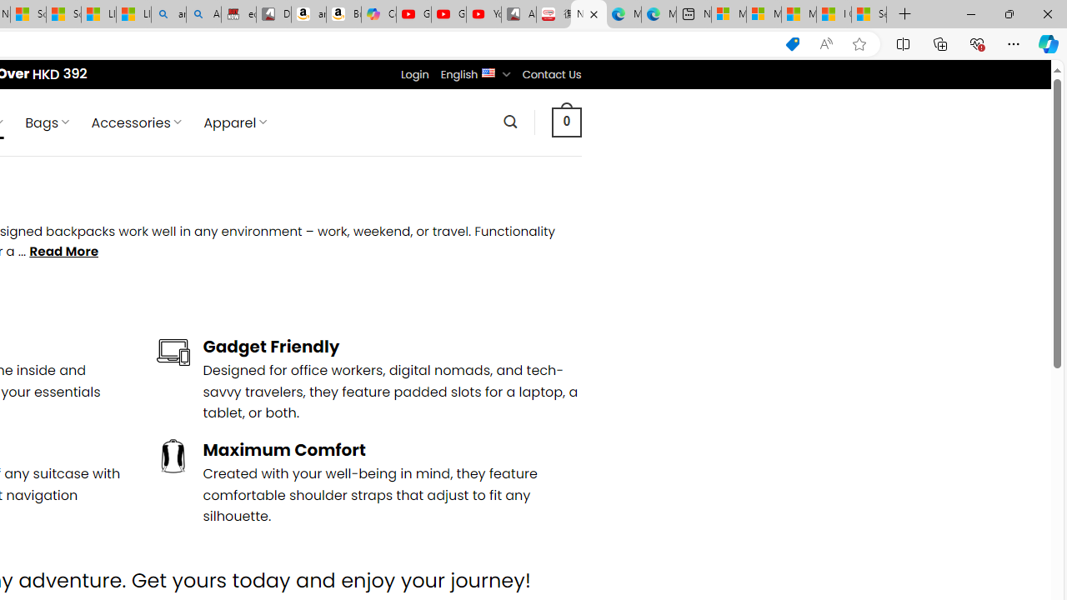 The height and width of the screenshot is (600, 1067). What do you see at coordinates (518, 14) in the screenshot?
I see `'All Cubot phones'` at bounding box center [518, 14].